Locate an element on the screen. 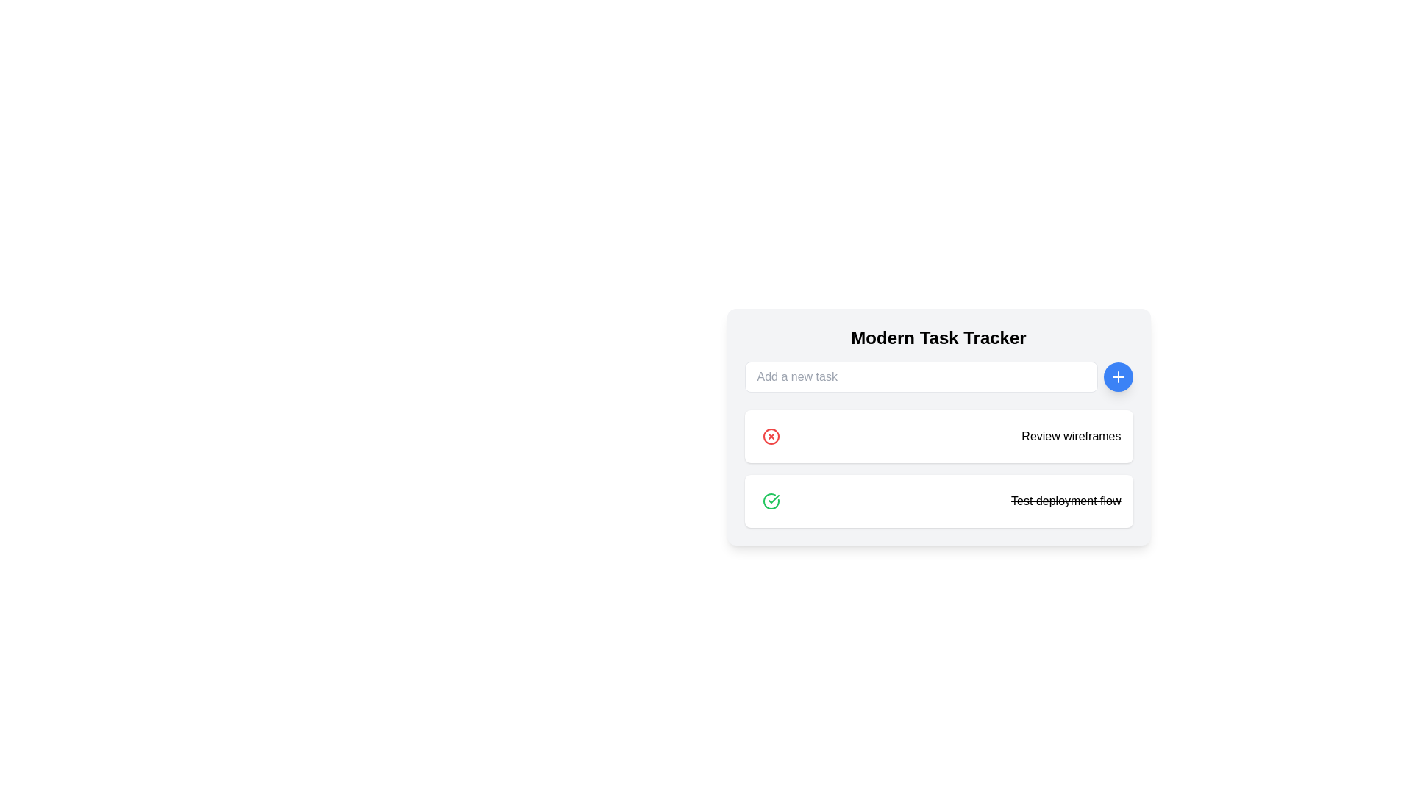  the completion icon in the second task row of the task list is located at coordinates (770, 501).